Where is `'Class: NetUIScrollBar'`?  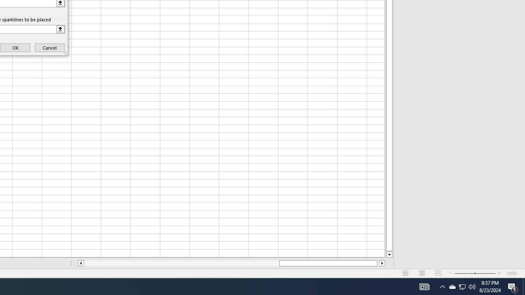
'Class: NetUIScrollBar' is located at coordinates (231, 263).